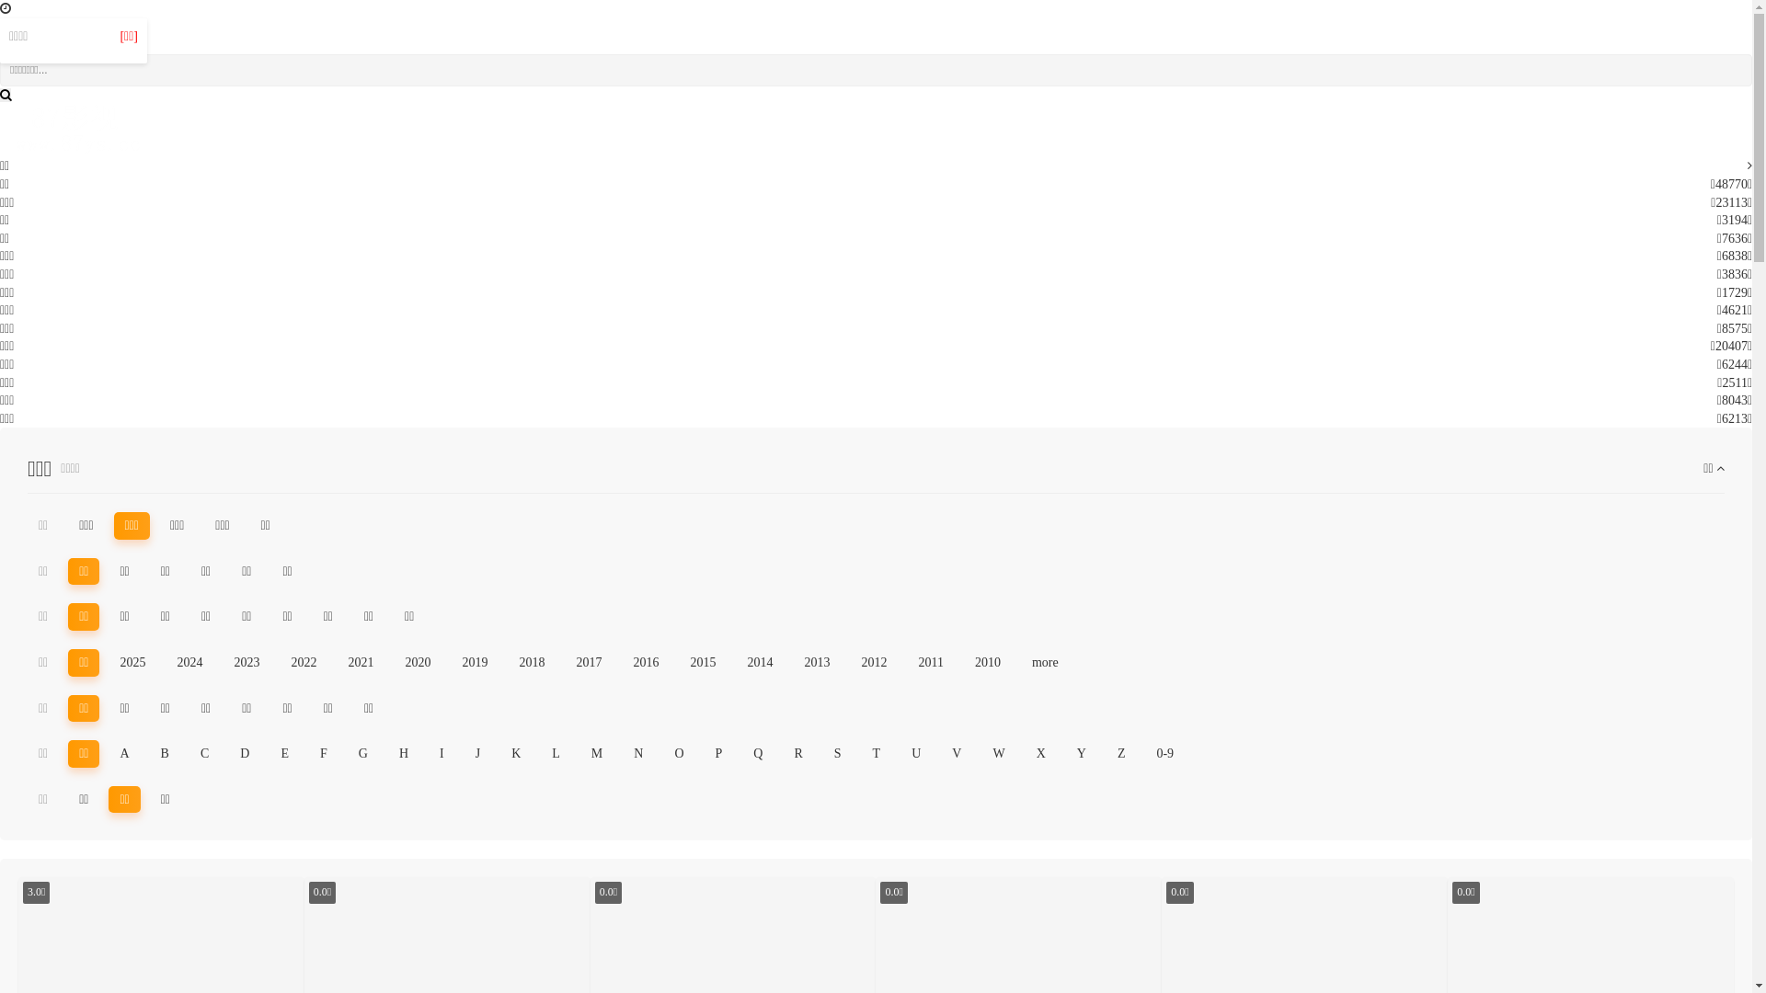  I want to click on 'S', so click(821, 754).